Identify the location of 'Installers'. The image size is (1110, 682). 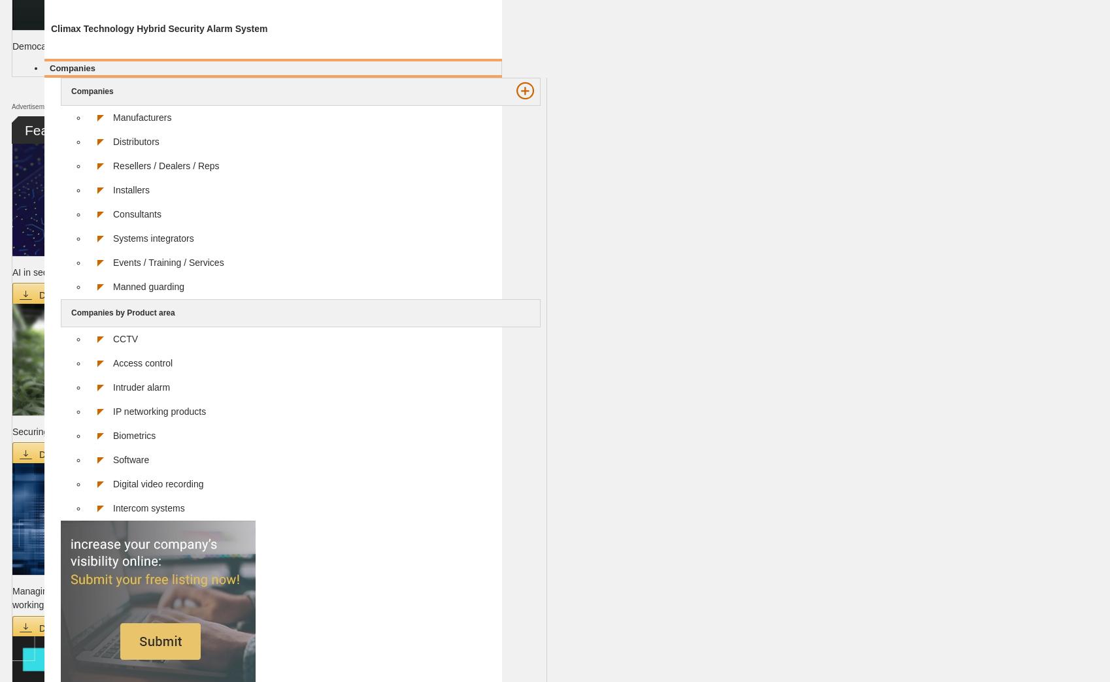
(131, 189).